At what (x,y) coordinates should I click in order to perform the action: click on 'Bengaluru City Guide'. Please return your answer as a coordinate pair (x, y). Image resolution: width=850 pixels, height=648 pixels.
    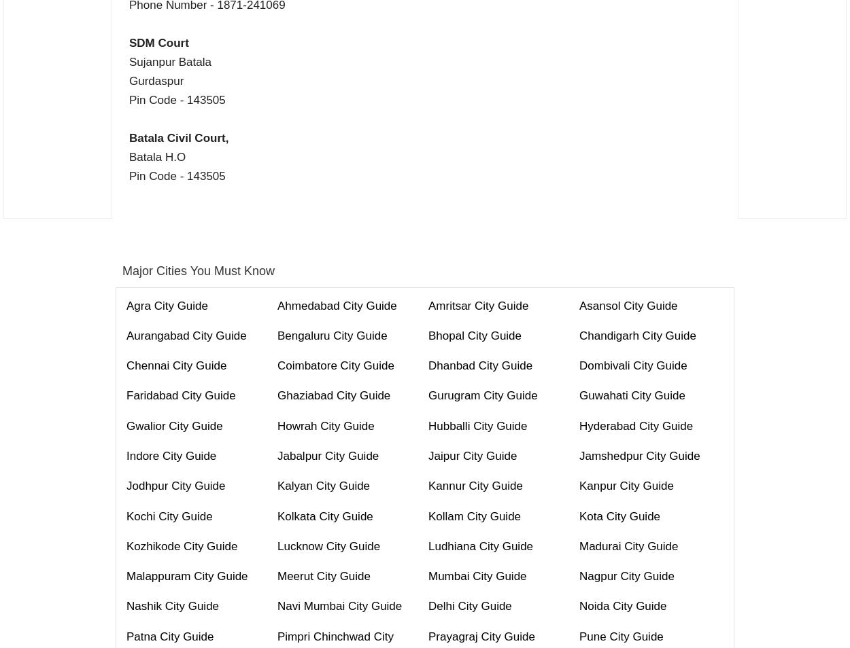
    Looking at the image, I should click on (331, 334).